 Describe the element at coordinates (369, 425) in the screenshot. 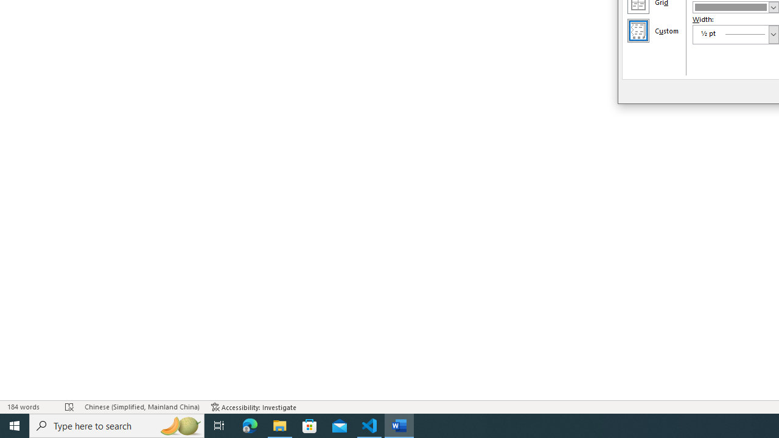

I see `'Visual Studio Code - 1 running window'` at that location.